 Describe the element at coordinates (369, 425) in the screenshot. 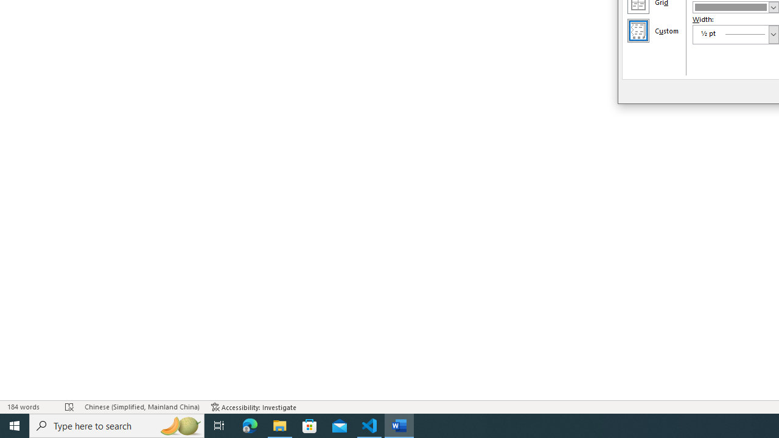

I see `'Visual Studio Code - 1 running window'` at that location.